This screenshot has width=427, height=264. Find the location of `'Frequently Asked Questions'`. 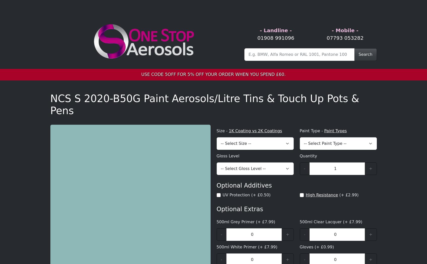

'Frequently Asked Questions' is located at coordinates (106, 228).